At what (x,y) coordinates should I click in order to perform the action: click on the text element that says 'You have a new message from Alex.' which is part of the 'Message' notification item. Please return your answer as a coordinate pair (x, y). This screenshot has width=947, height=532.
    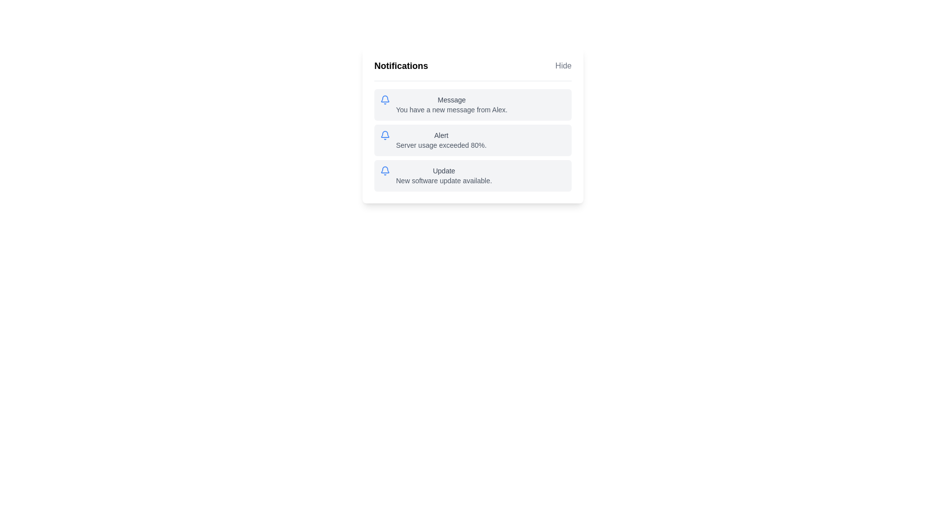
    Looking at the image, I should click on (451, 110).